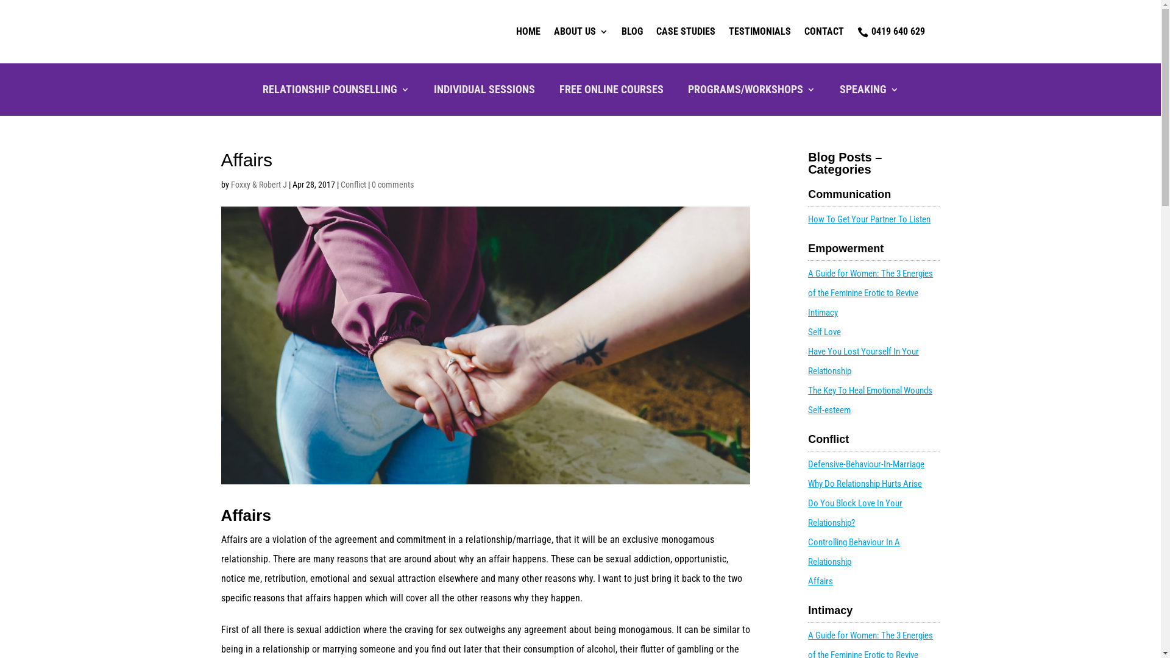  What do you see at coordinates (807, 464) in the screenshot?
I see `'Defensive-Behaviour-In-Marriage'` at bounding box center [807, 464].